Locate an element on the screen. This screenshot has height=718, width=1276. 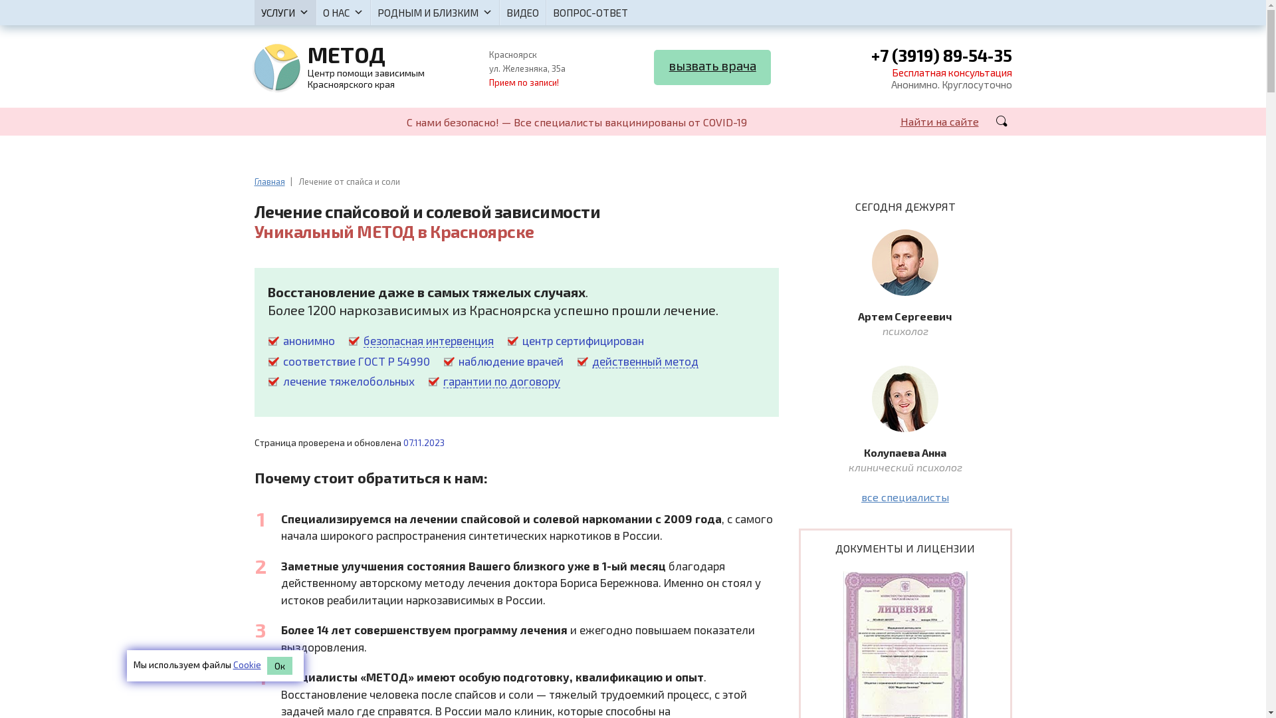
'Cookie' is located at coordinates (233, 664).